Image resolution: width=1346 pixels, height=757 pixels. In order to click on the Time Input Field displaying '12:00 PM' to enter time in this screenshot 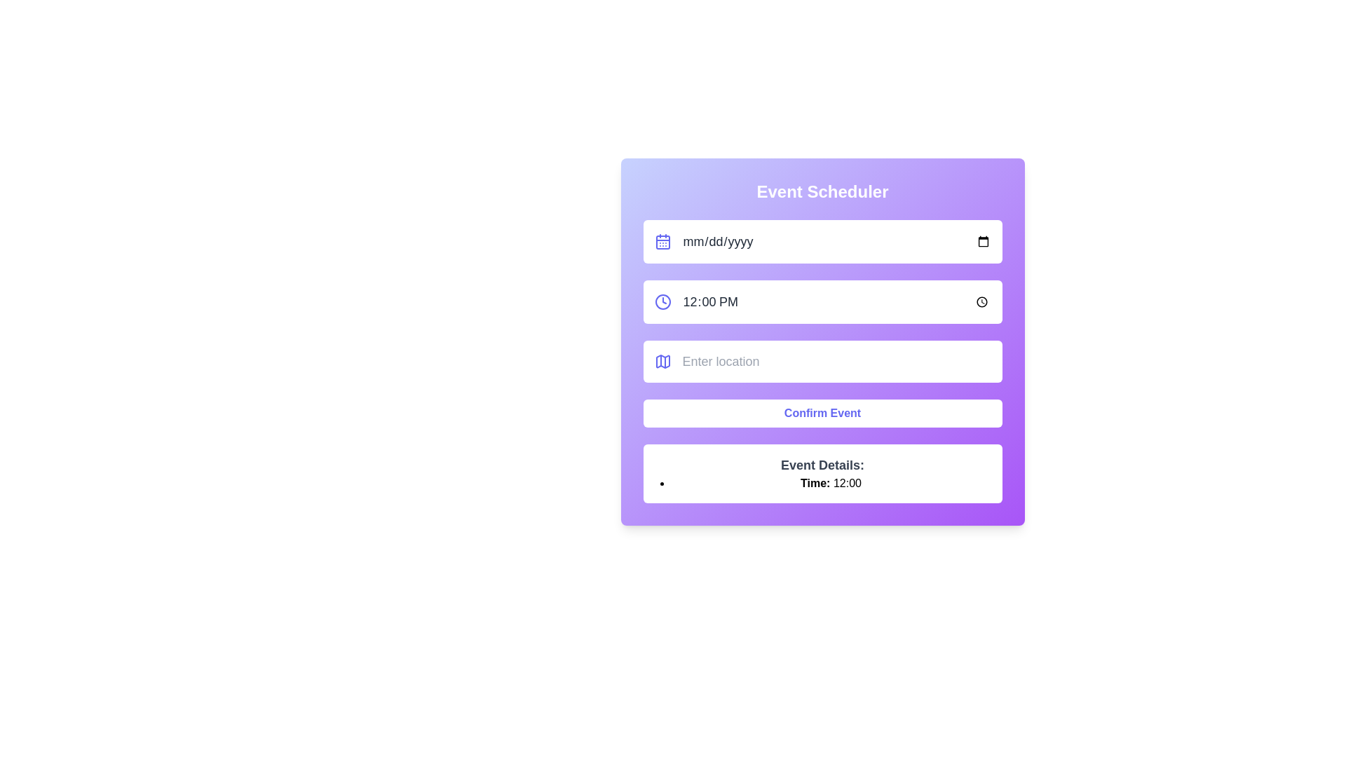, I will do `click(836, 301)`.